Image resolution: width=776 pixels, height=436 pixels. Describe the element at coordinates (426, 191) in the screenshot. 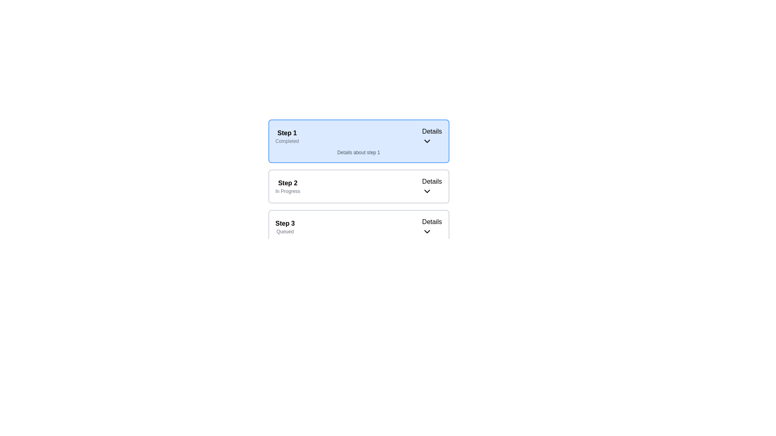

I see `the Dropdown Icon located to the right of the text 'Details' in the 'Step 2' block` at that location.